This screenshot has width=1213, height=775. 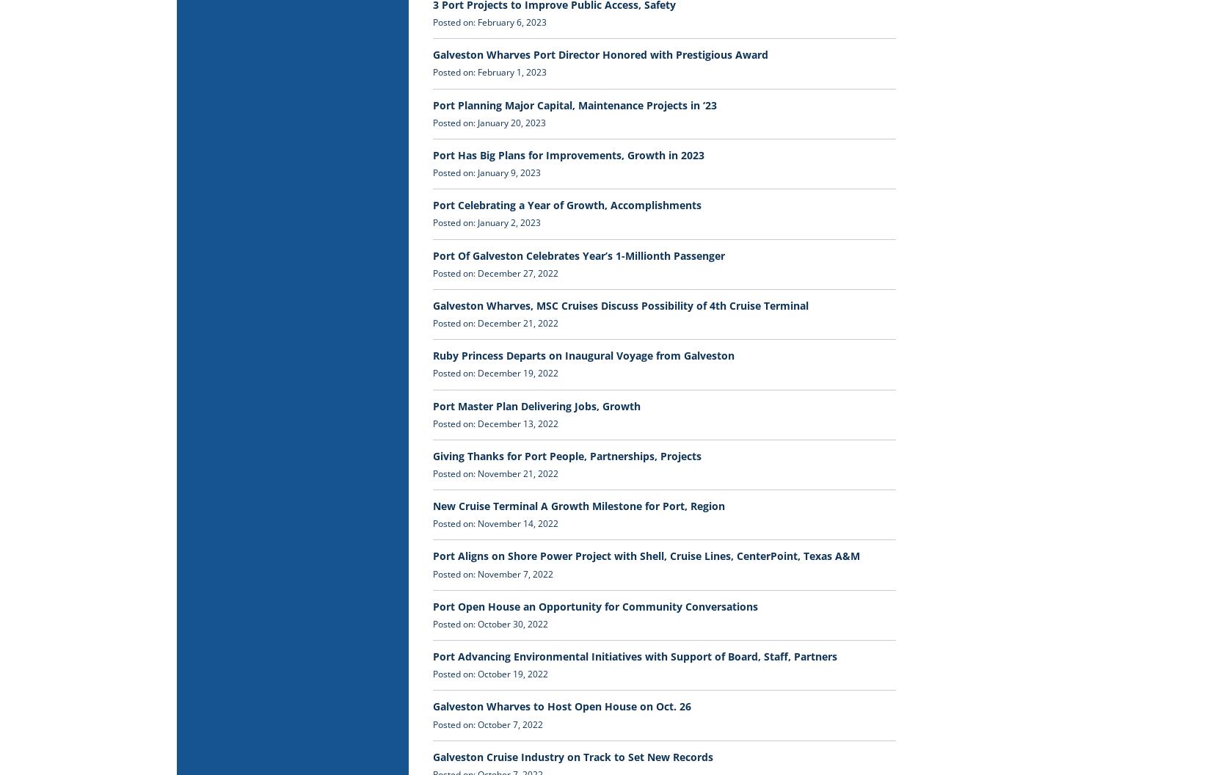 What do you see at coordinates (489, 22) in the screenshot?
I see `'Posted on: February 6, 2023'` at bounding box center [489, 22].